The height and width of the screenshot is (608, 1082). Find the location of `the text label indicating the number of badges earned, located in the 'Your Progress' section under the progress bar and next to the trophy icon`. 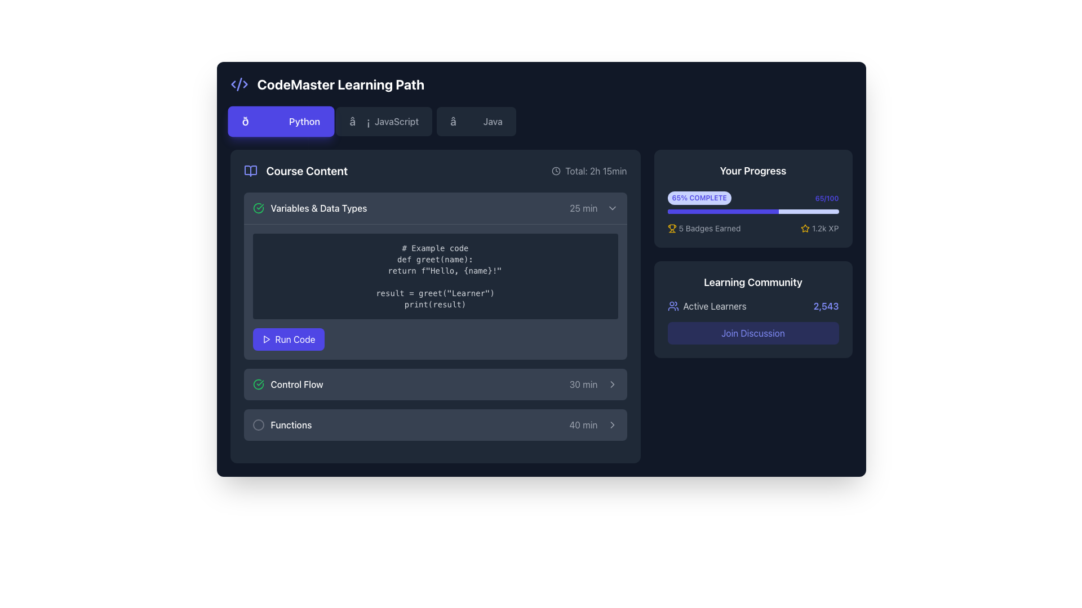

the text label indicating the number of badges earned, located in the 'Your Progress' section under the progress bar and next to the trophy icon is located at coordinates (709, 228).